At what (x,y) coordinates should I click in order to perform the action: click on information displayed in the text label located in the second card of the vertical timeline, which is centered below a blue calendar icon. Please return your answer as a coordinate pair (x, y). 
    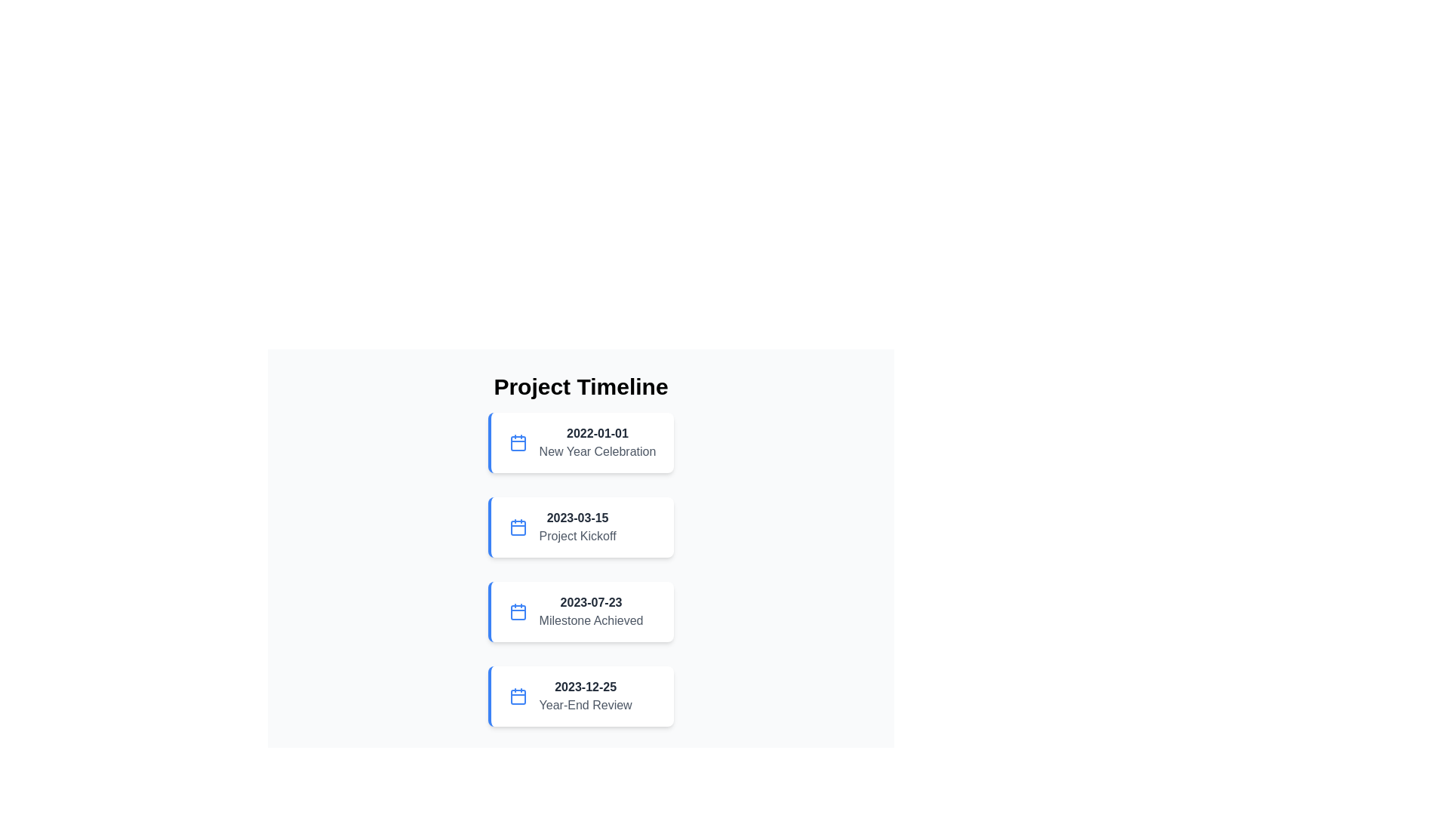
    Looking at the image, I should click on (577, 526).